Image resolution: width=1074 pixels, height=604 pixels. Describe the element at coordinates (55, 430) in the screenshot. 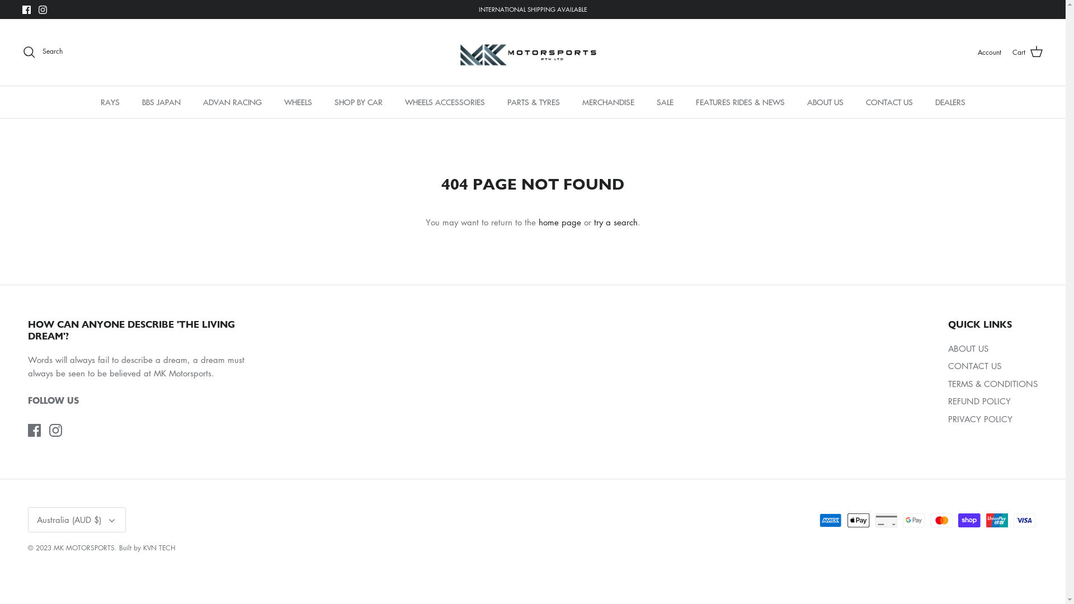

I see `'Instagram'` at that location.